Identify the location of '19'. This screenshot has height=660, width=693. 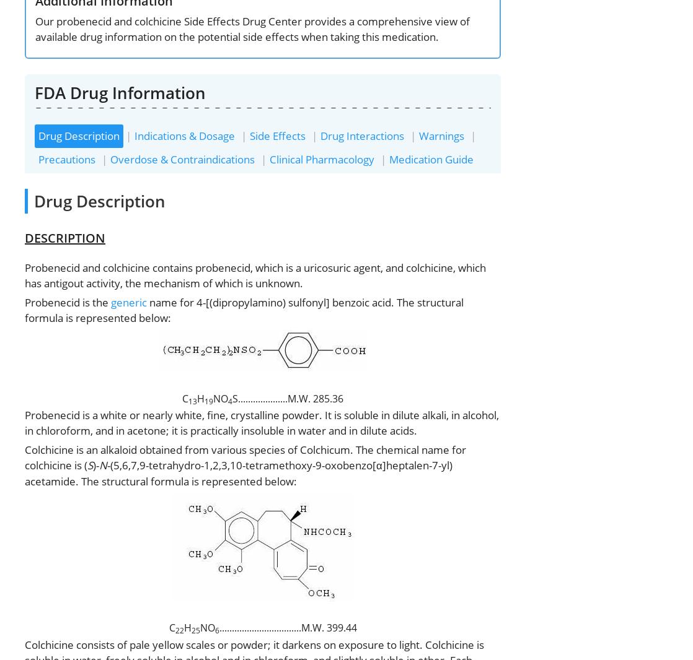
(208, 400).